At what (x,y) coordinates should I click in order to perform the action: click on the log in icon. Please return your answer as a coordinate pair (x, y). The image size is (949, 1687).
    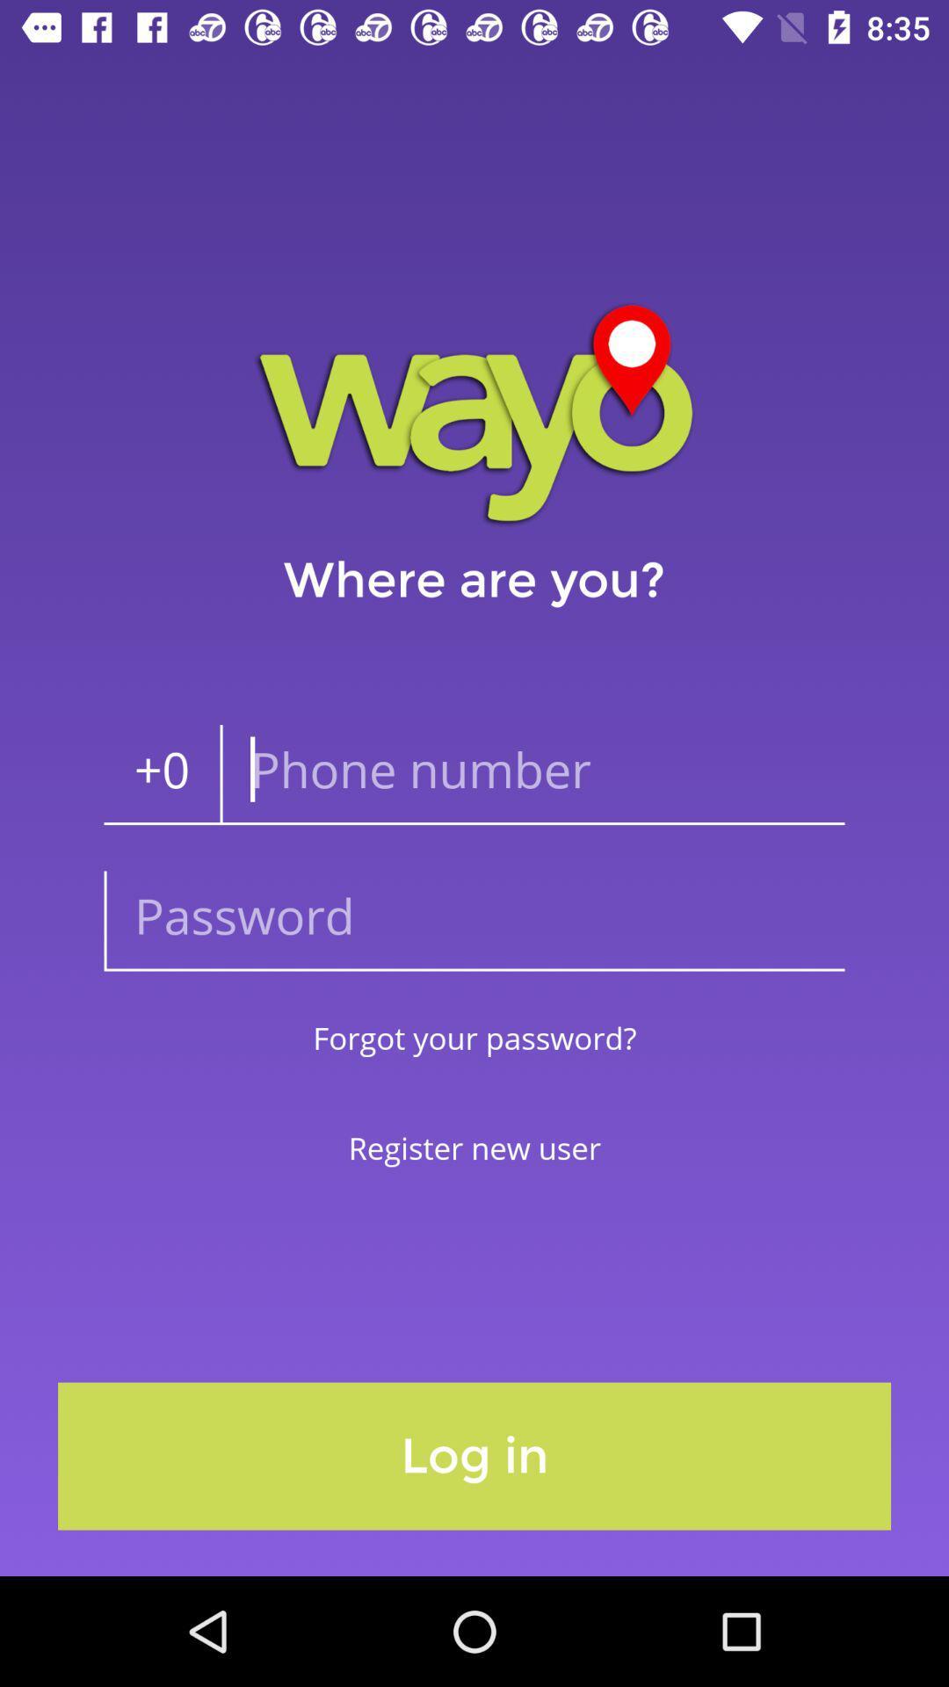
    Looking at the image, I should click on (474, 1456).